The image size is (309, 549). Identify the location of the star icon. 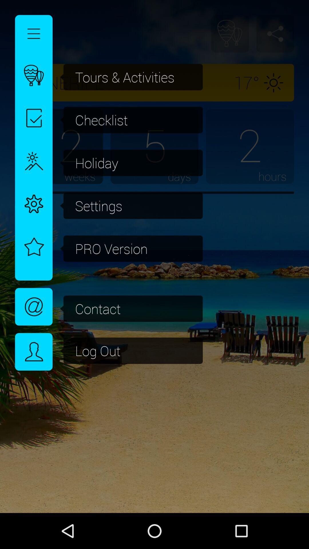
(34, 244).